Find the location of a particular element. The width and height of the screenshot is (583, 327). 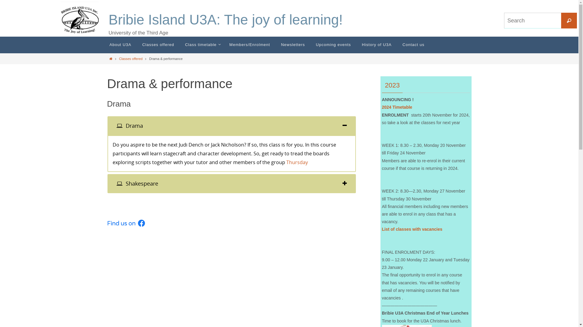

'List of classes with vacancies' is located at coordinates (412, 229).